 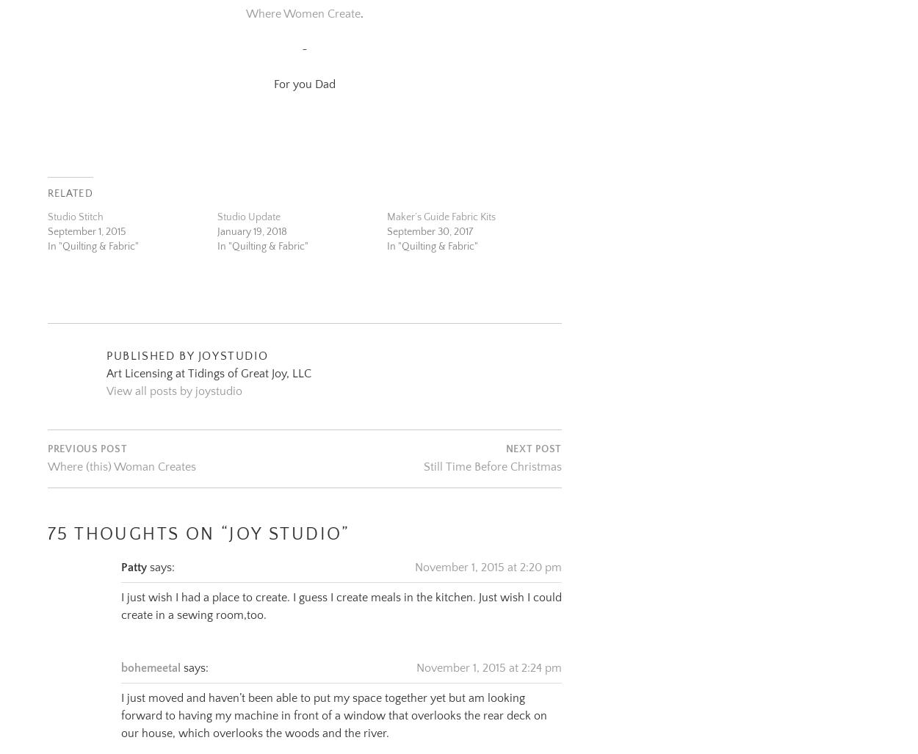 What do you see at coordinates (122, 448) in the screenshot?
I see `'Where (this) Woman Creates'` at bounding box center [122, 448].